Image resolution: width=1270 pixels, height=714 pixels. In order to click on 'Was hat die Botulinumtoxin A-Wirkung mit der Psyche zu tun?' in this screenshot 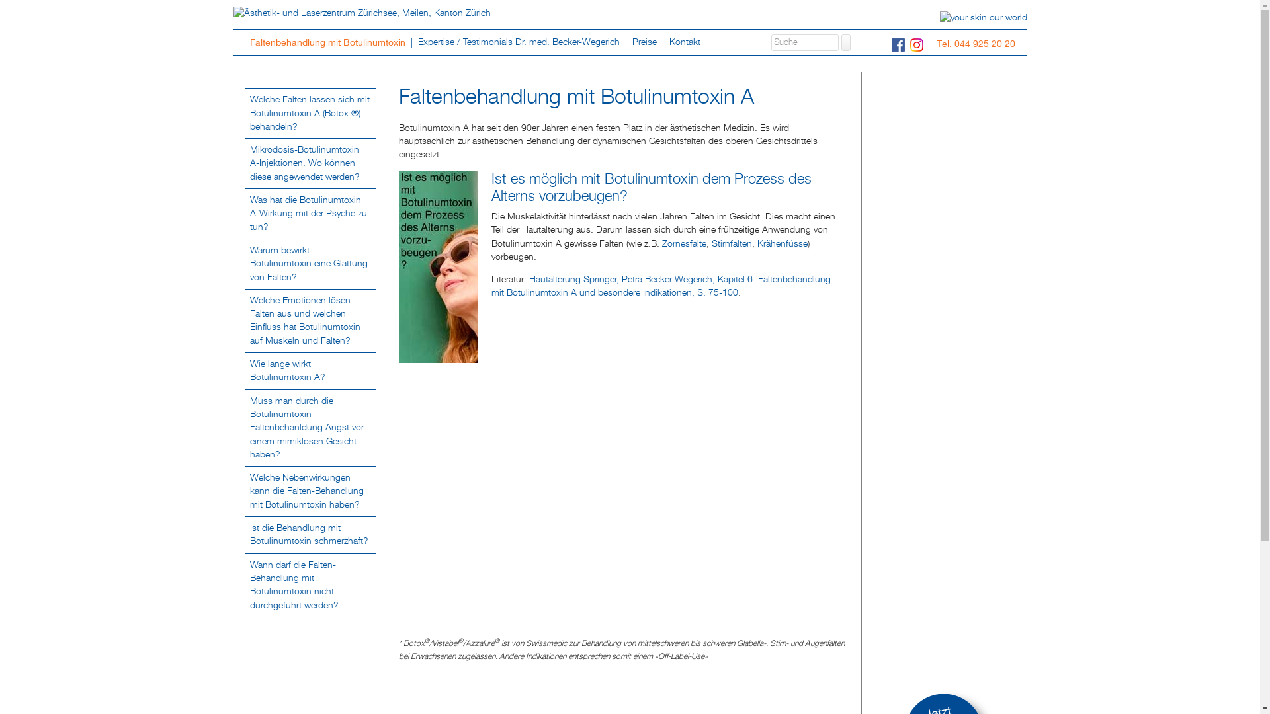, I will do `click(308, 213)`.